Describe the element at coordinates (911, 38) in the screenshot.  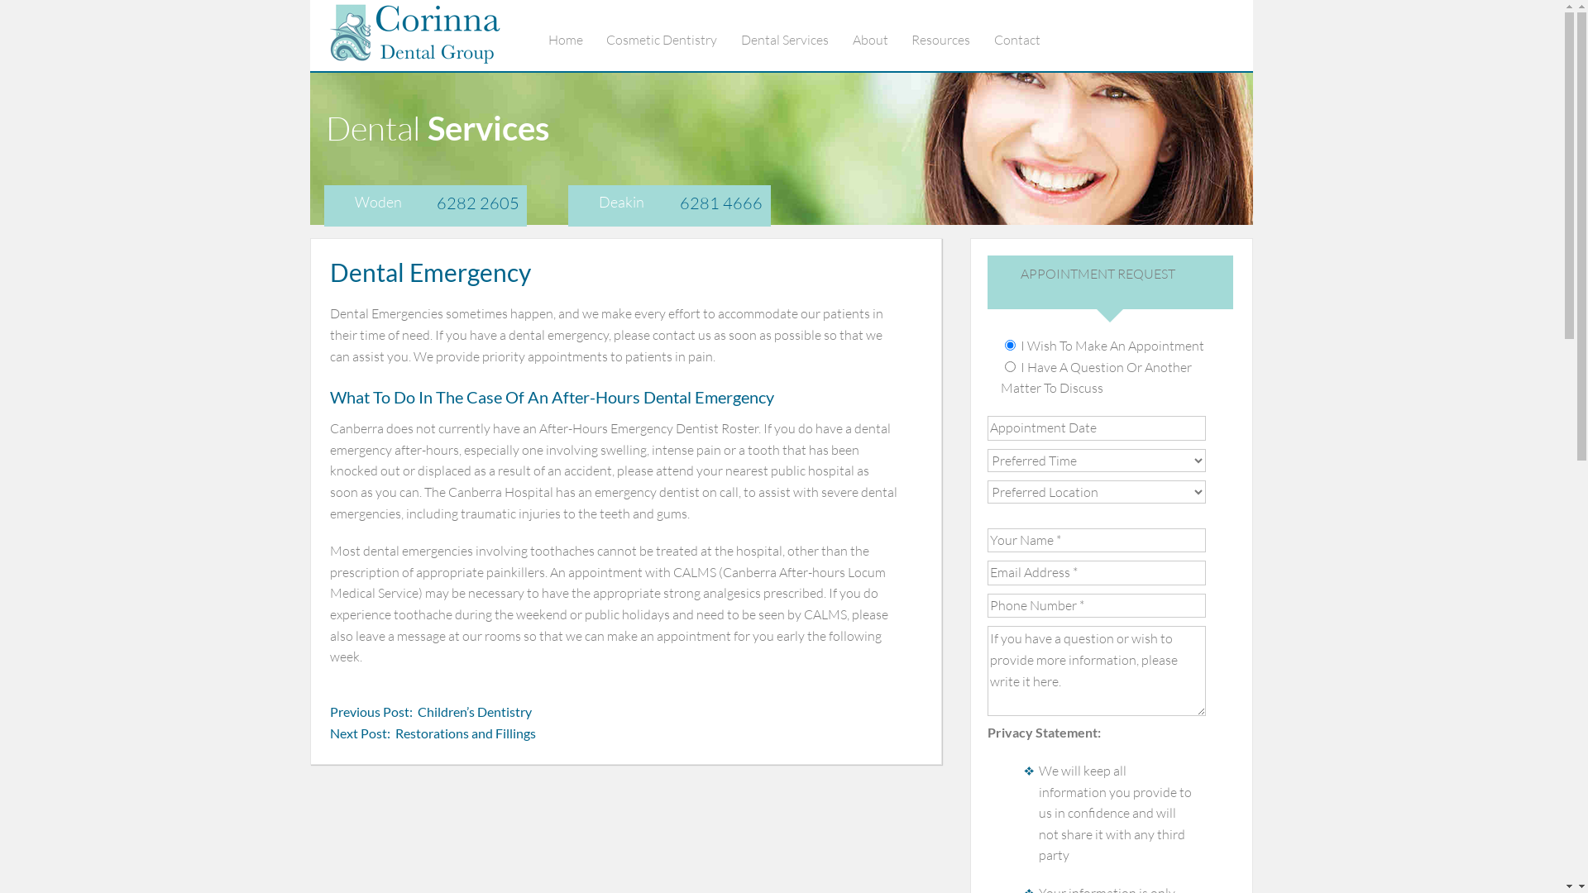
I see `'Resources'` at that location.